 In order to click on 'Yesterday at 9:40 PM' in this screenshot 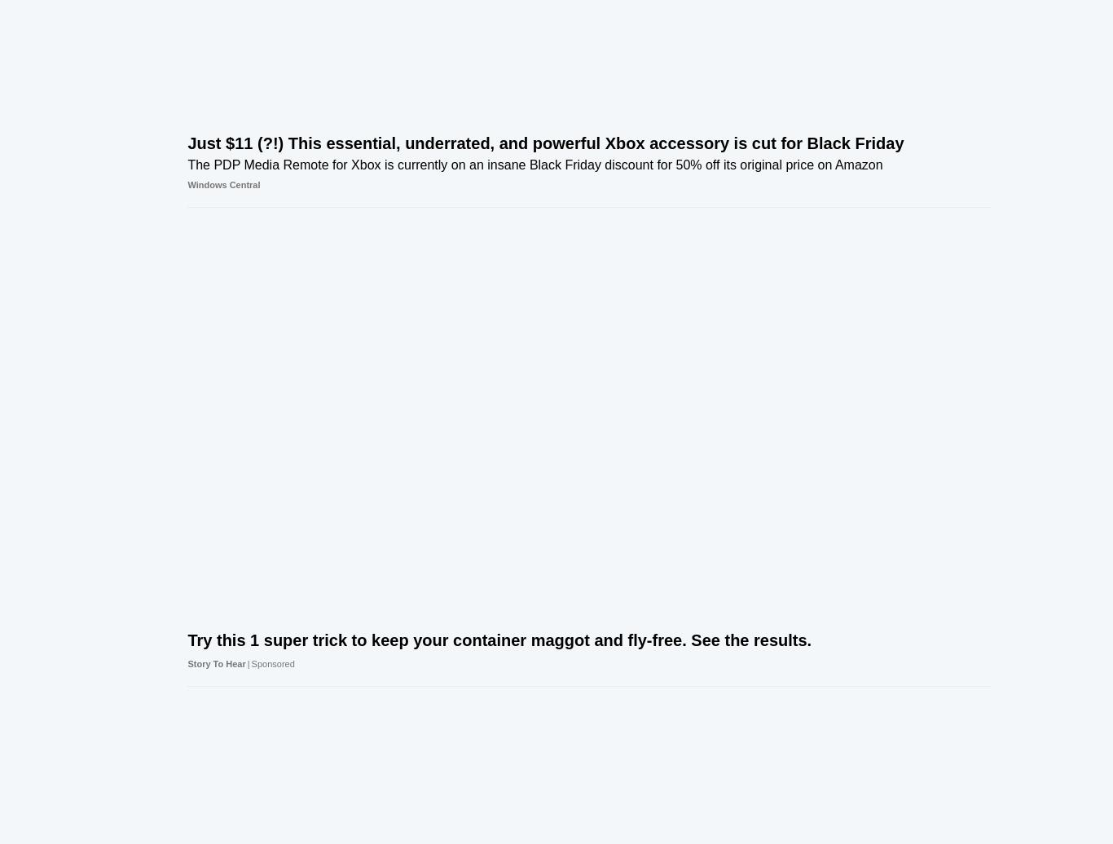, I will do `click(981, 181)`.